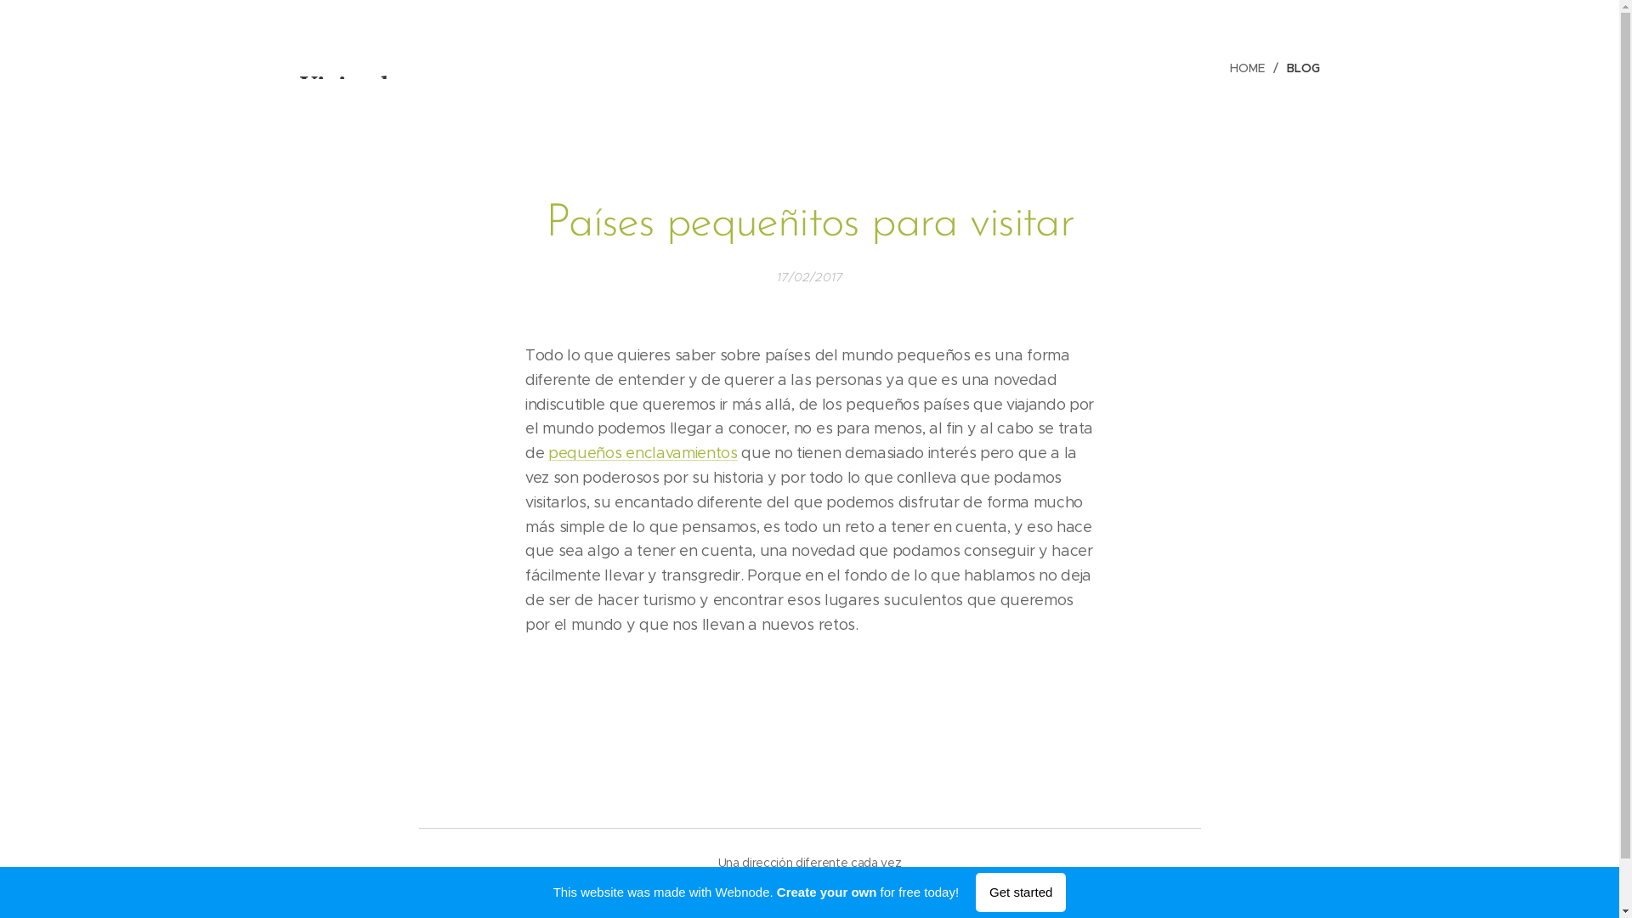  I want to click on 'HOME', so click(1252, 67).